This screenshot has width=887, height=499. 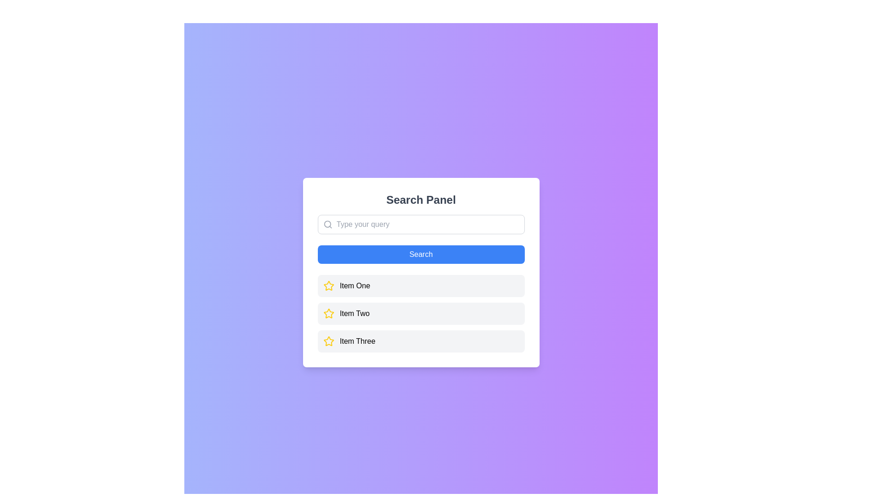 I want to click on the star-shaped icon with a yellow outline, located, so click(x=328, y=341).